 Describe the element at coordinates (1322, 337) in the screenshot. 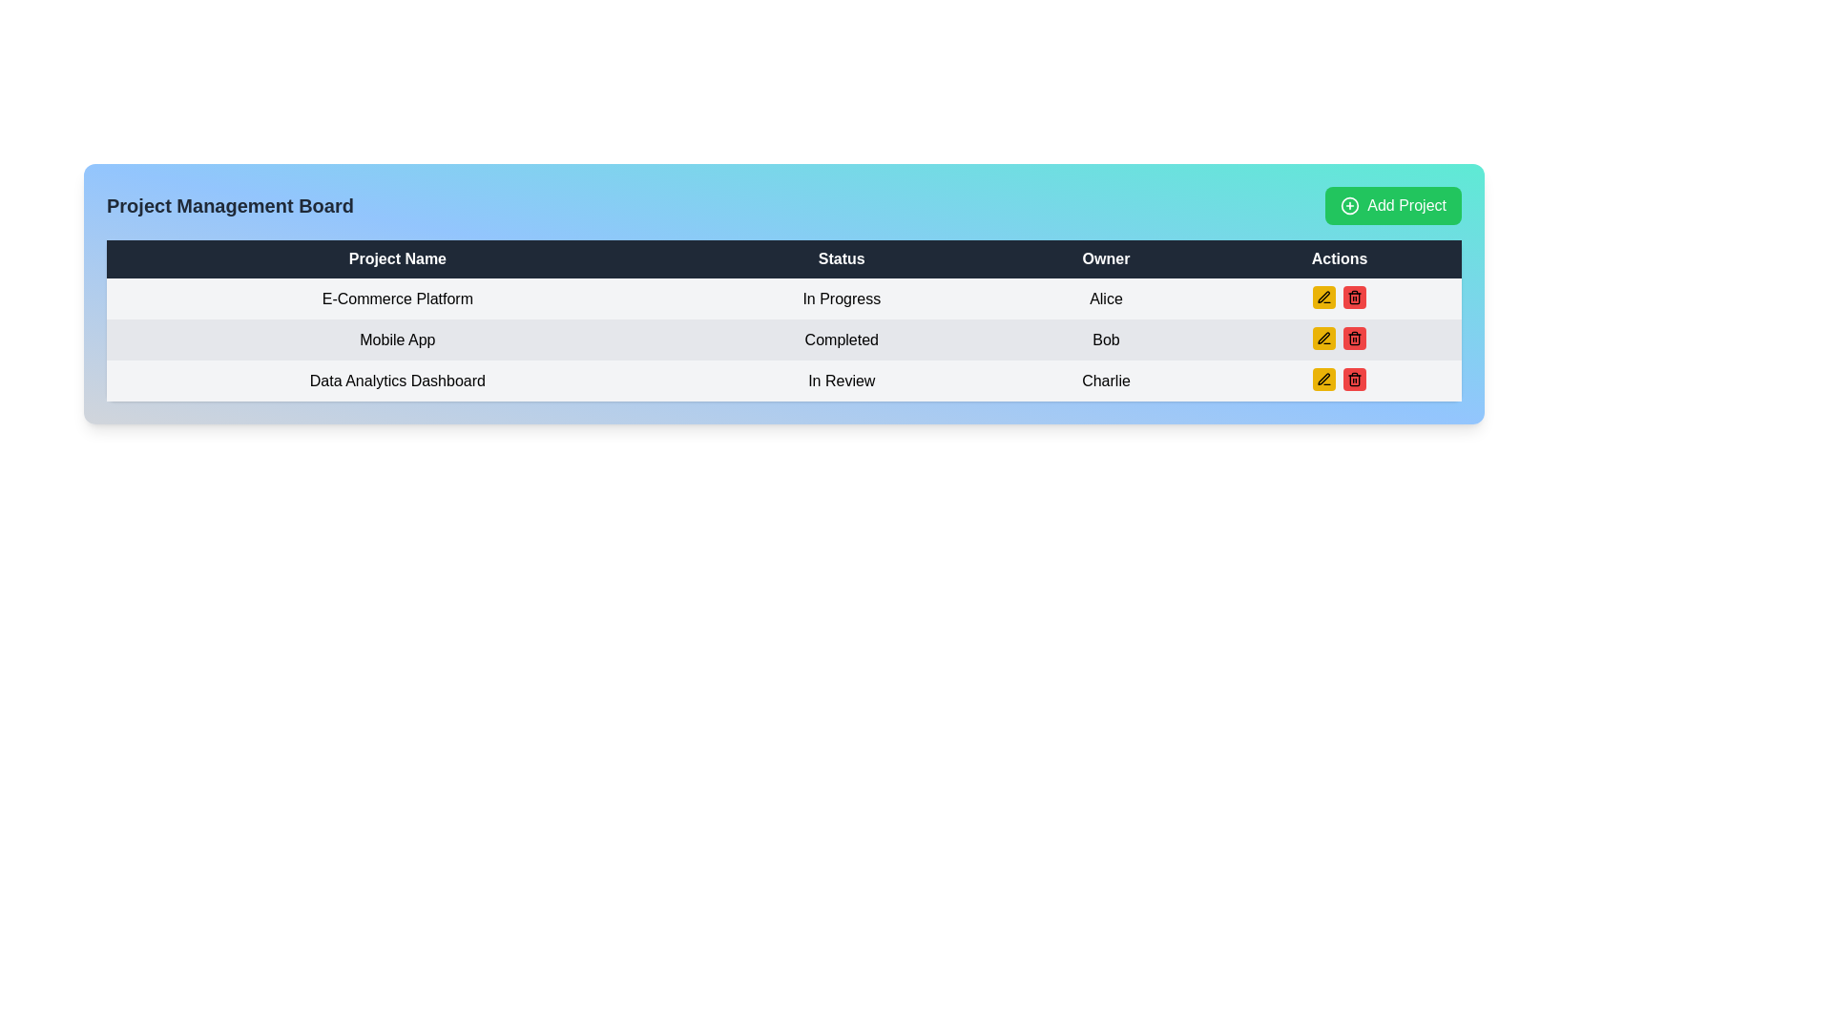

I see `the edit SVG icon, shaped like a pen, within the yellow circular button in the Actions column of the second row for the Mobile App project` at that location.